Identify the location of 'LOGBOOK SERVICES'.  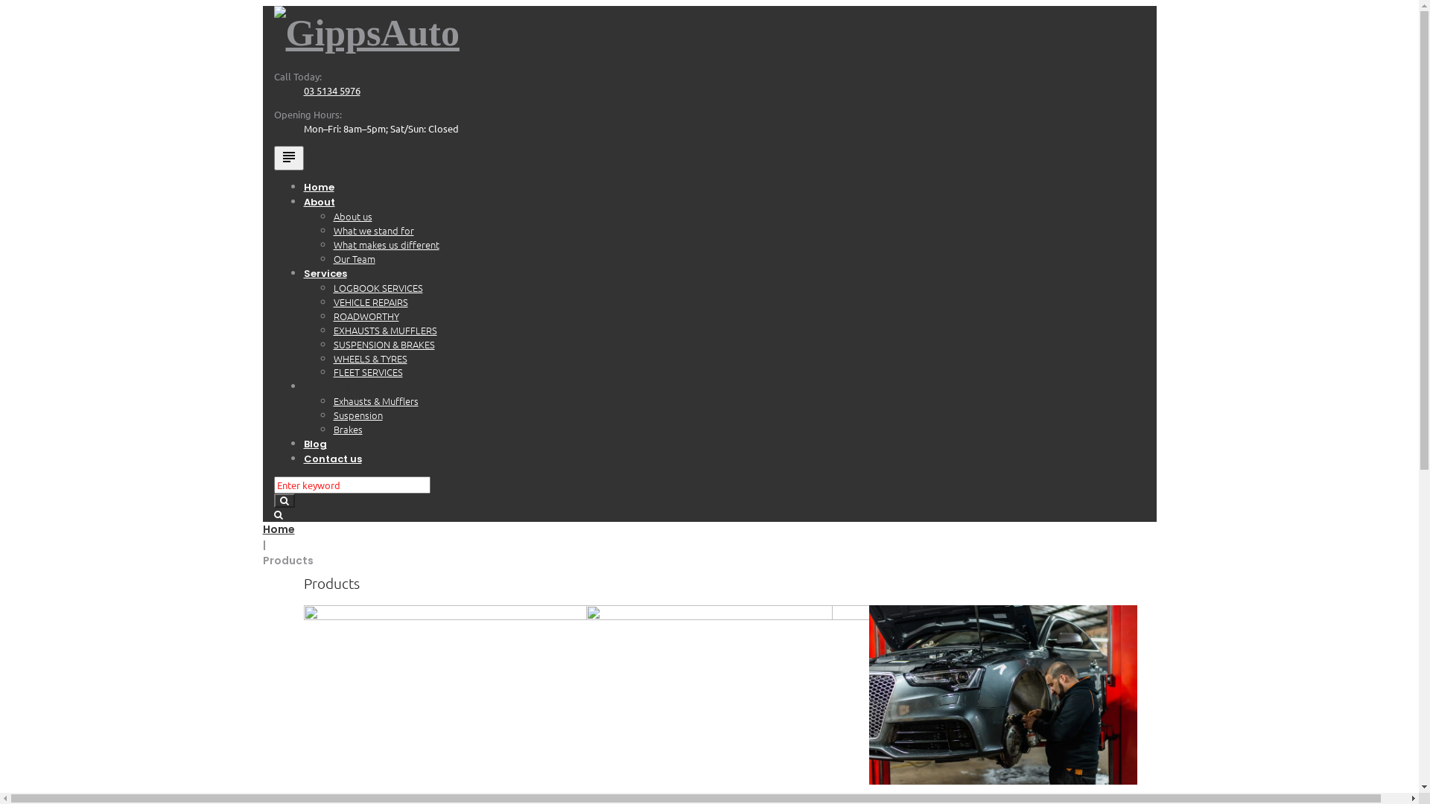
(378, 287).